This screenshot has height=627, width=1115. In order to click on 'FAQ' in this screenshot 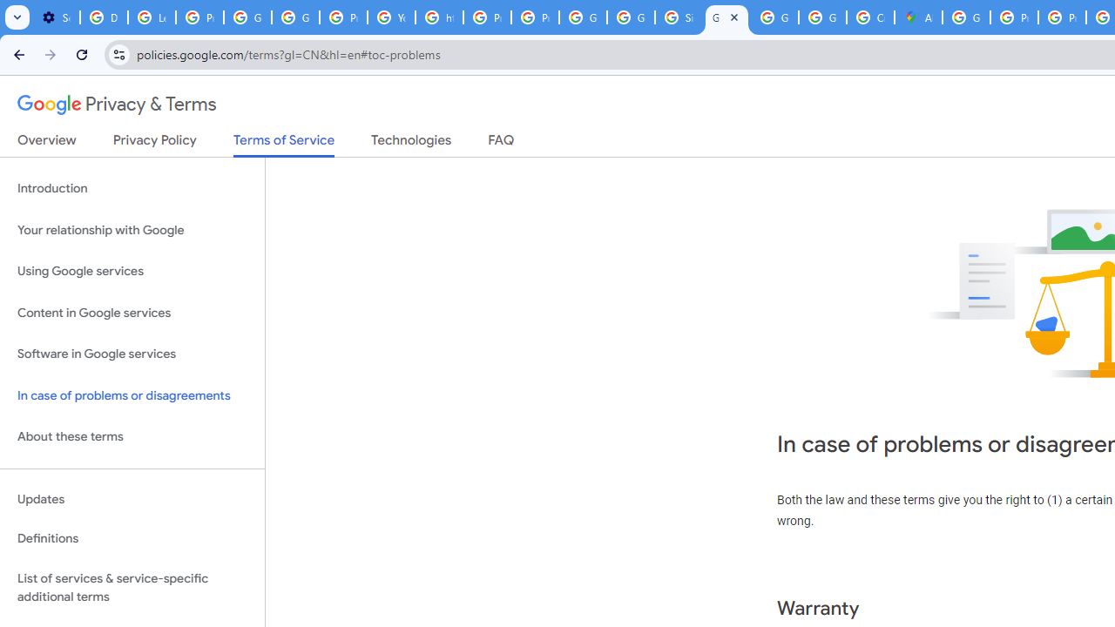, I will do `click(501, 143)`.